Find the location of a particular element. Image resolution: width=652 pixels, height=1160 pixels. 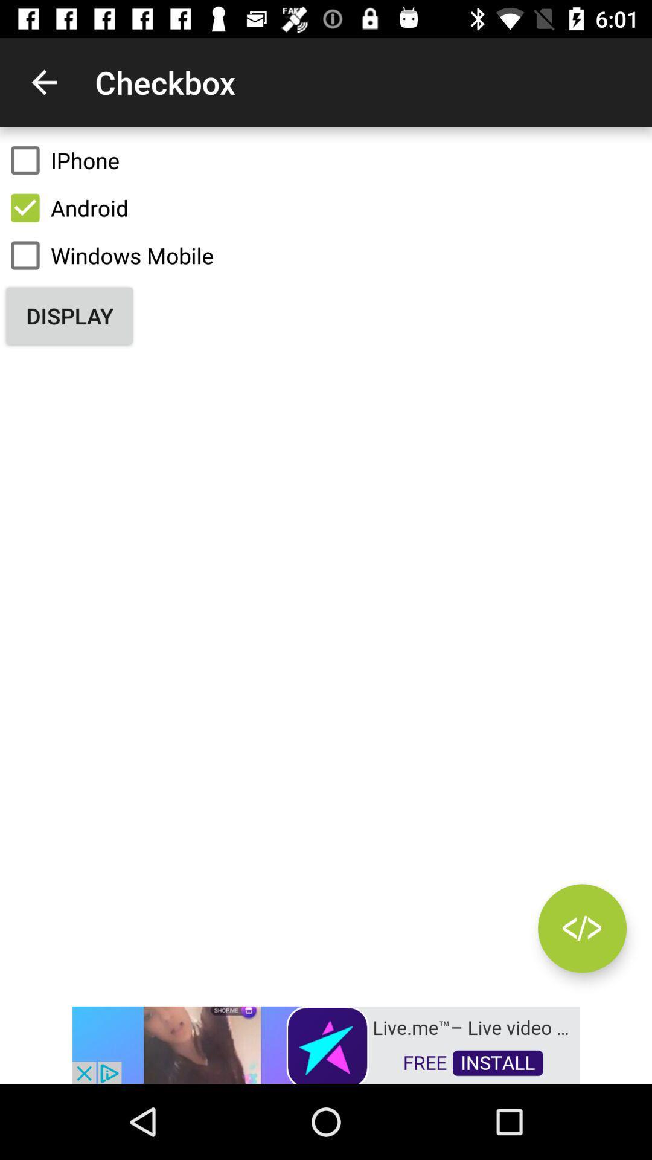

advertisement bar is located at coordinates (326, 1043).